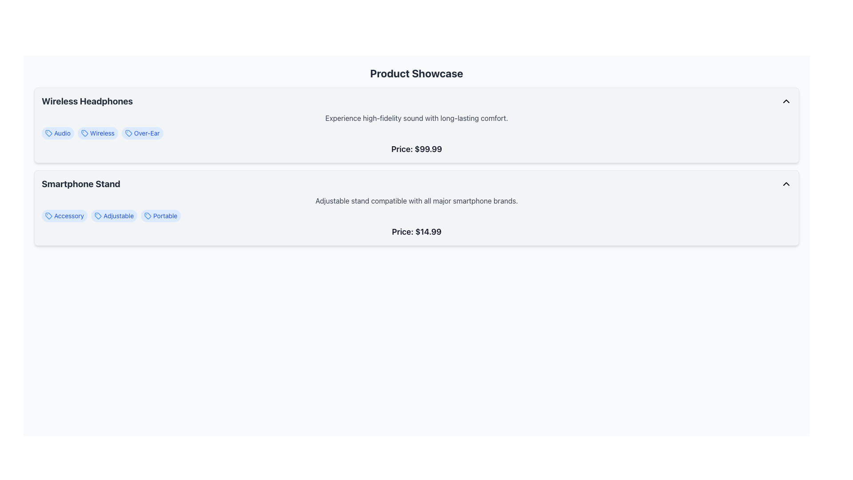 Image resolution: width=853 pixels, height=480 pixels. I want to click on the bold text block displaying the price information '$99.99' located at the bottom of the product description card for 'Wireless Headphones', so click(416, 148).